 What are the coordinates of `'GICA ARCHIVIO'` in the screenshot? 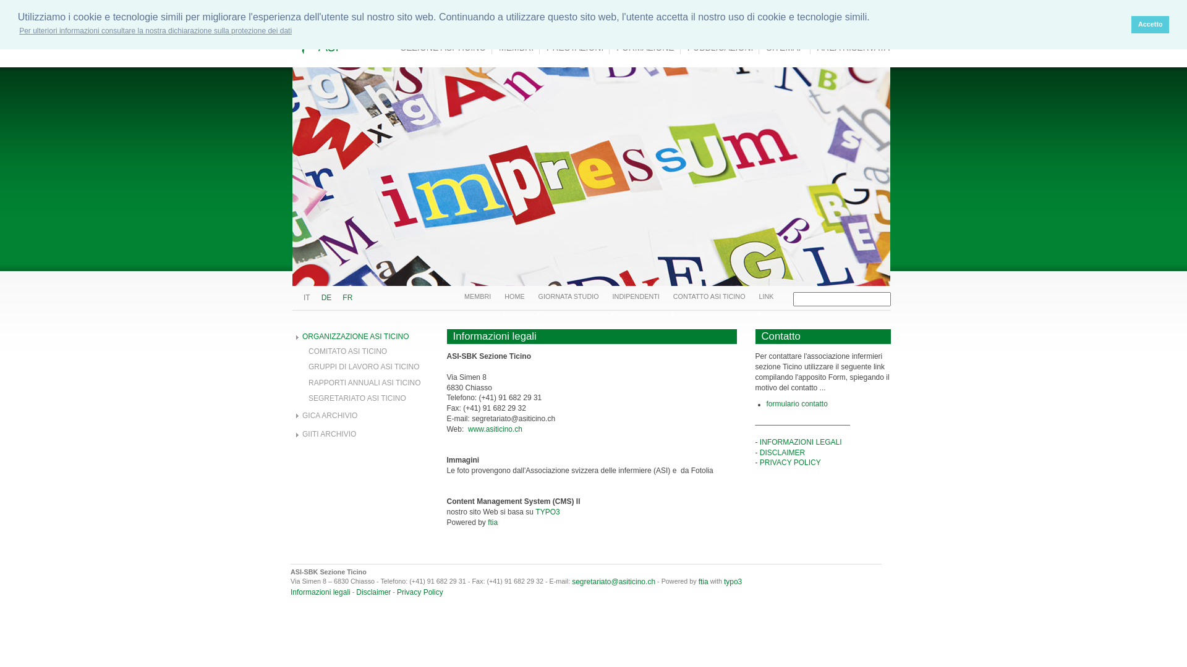 It's located at (330, 415).